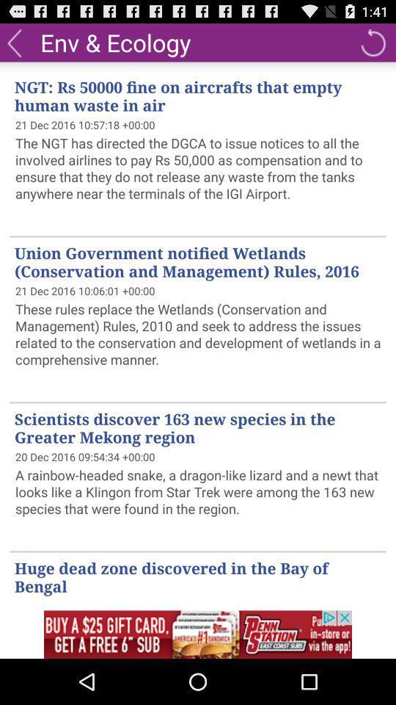  What do you see at coordinates (13, 41) in the screenshot?
I see `go back` at bounding box center [13, 41].